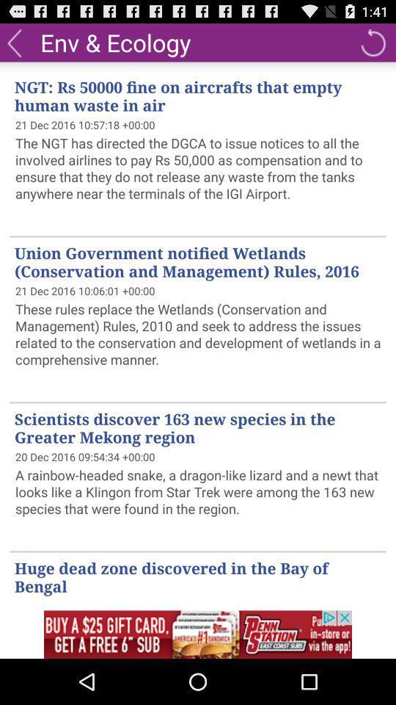  What do you see at coordinates (13, 41) in the screenshot?
I see `go back` at bounding box center [13, 41].